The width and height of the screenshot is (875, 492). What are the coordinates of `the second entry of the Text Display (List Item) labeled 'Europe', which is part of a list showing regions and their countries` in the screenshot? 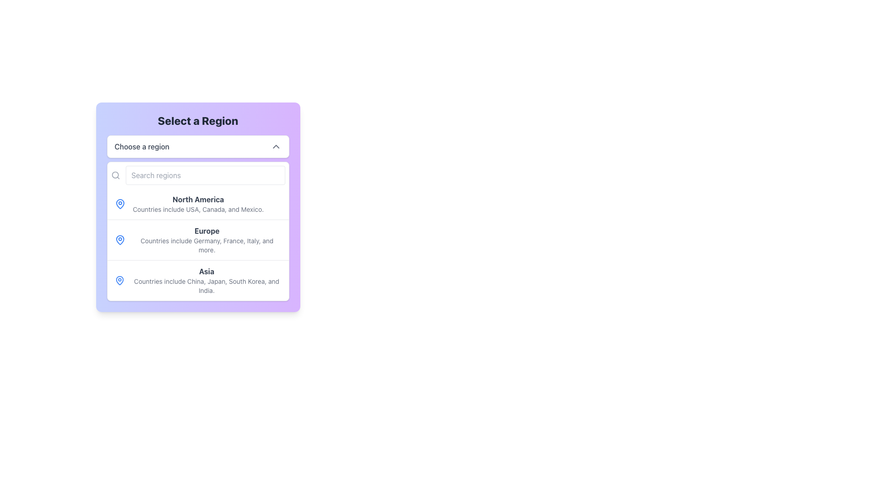 It's located at (197, 244).